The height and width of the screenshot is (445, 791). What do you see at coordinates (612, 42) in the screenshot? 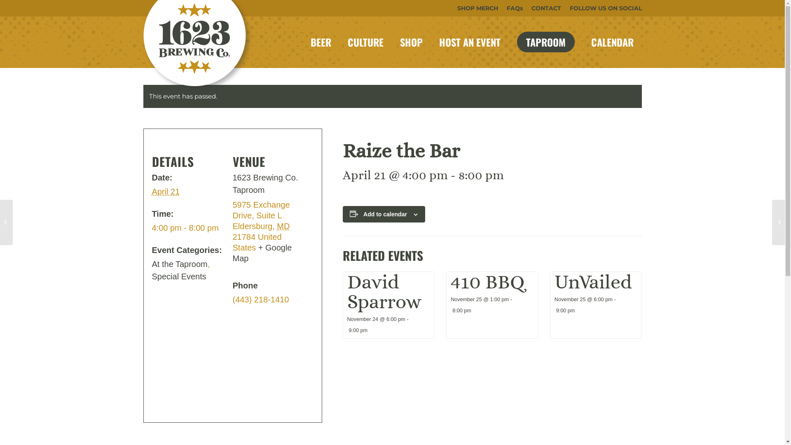
I see `'CALENDAR'` at bounding box center [612, 42].